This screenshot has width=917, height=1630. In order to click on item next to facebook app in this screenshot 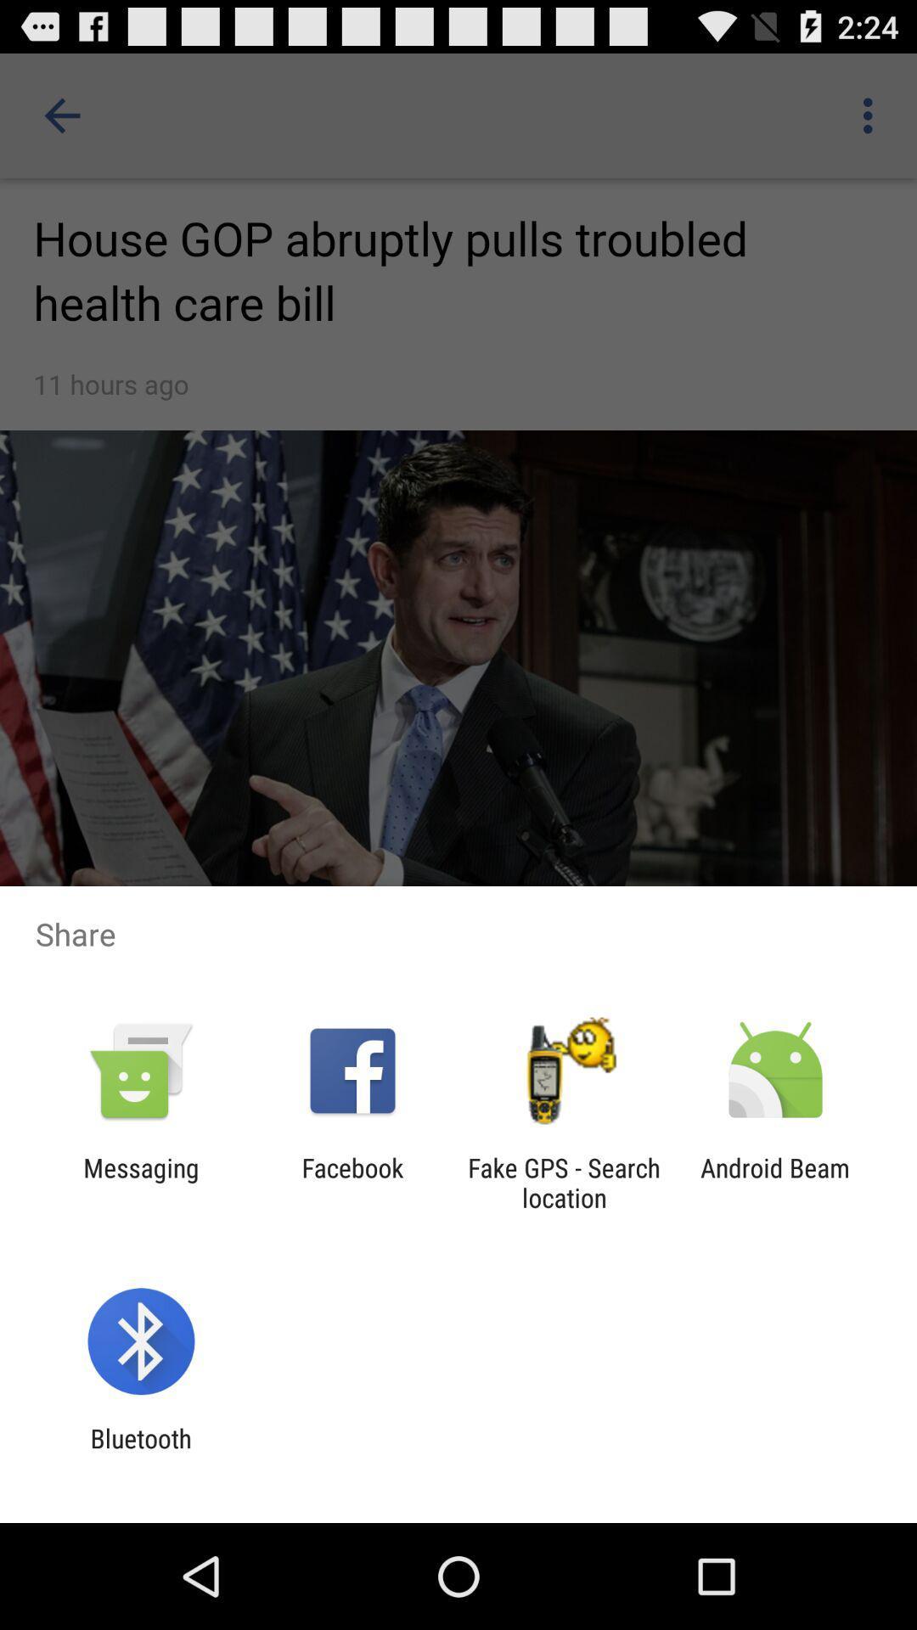, I will do `click(564, 1182)`.